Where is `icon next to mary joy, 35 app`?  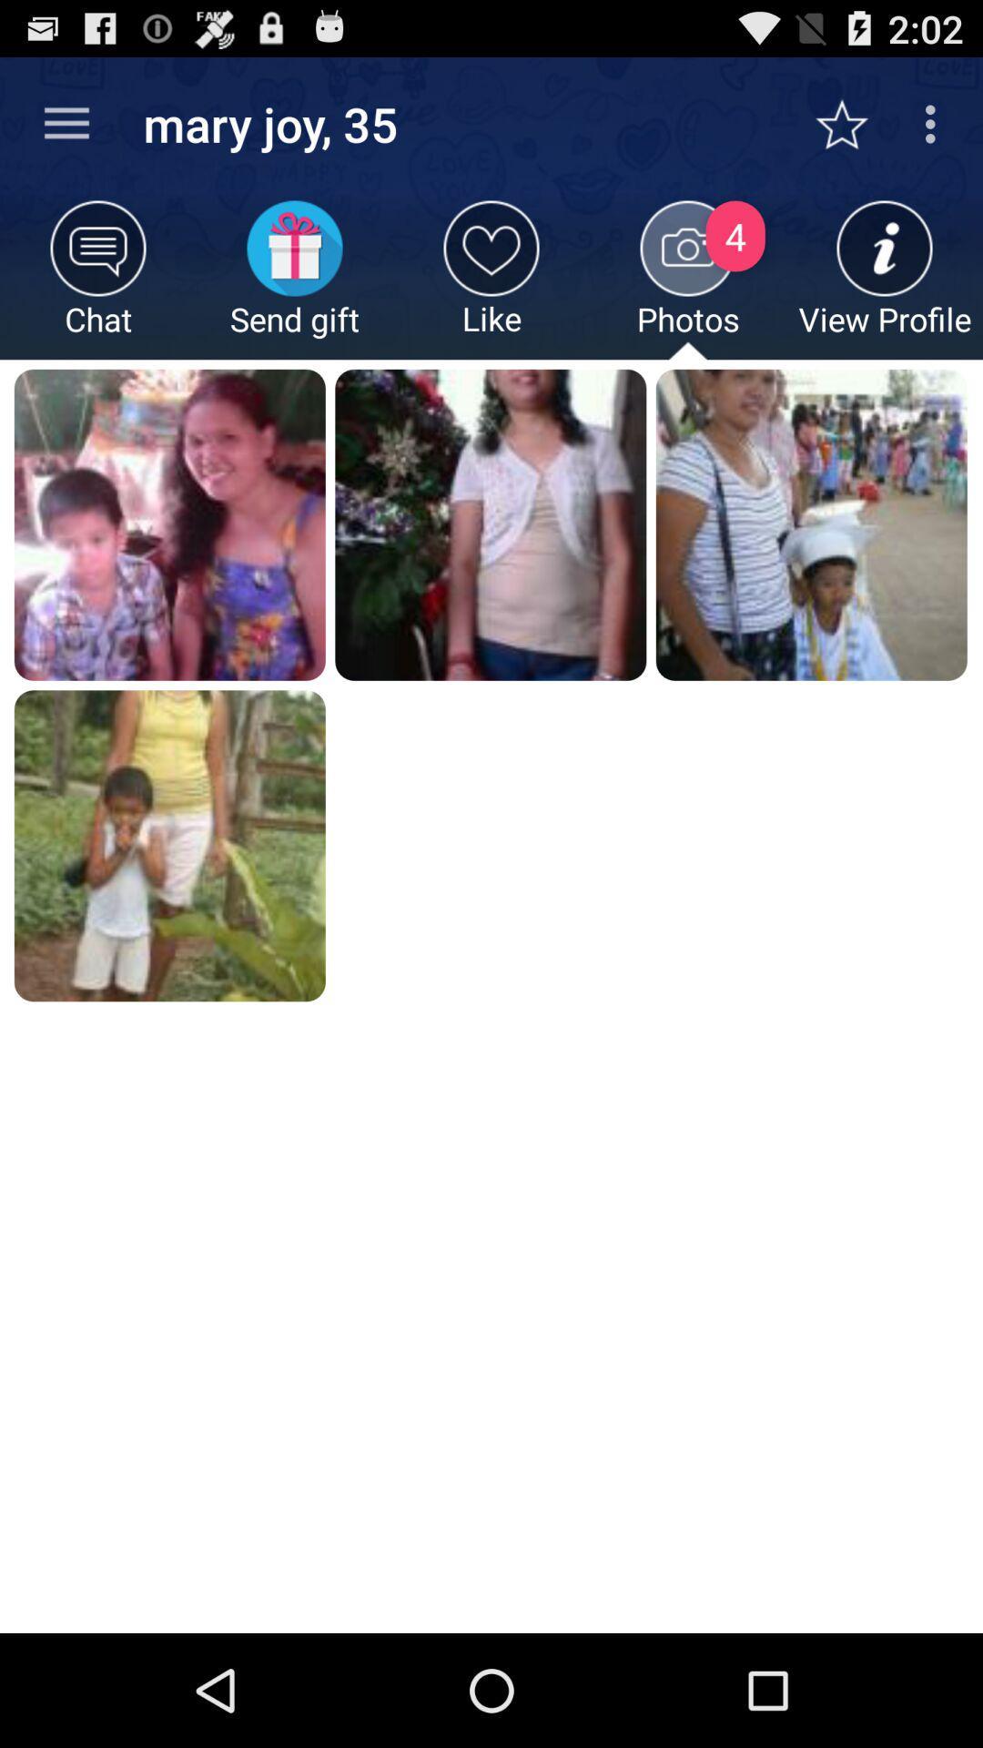 icon next to mary joy, 35 app is located at coordinates (66, 123).